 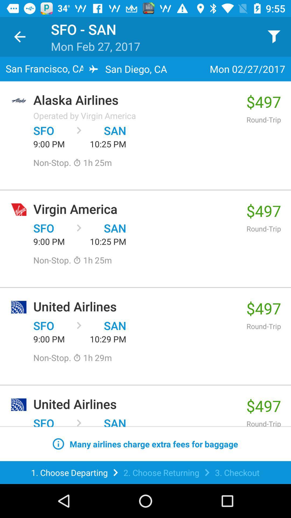 What do you see at coordinates (85, 115) in the screenshot?
I see `operated by virgin item` at bounding box center [85, 115].